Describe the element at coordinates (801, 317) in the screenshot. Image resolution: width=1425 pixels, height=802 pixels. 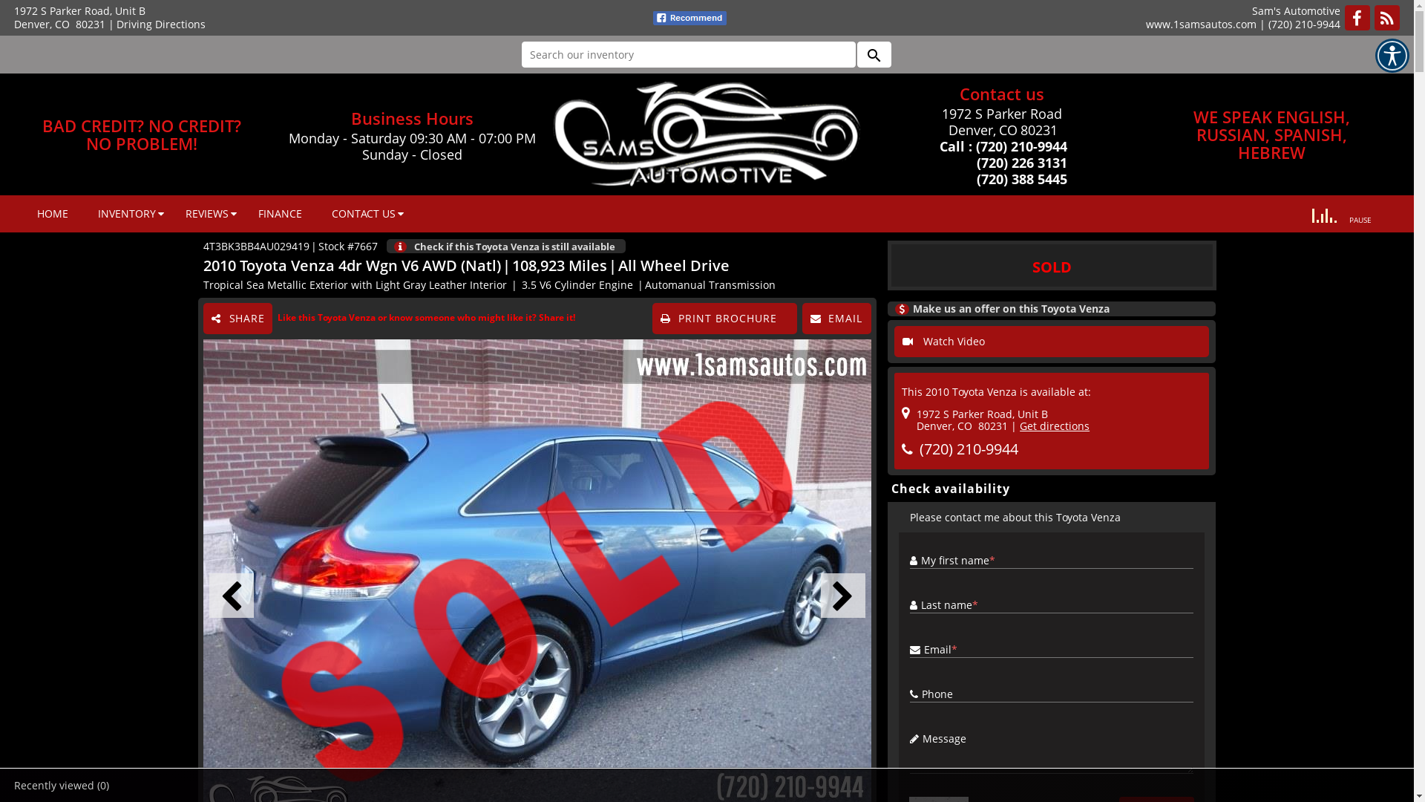
I see `'EMAIL'` at that location.